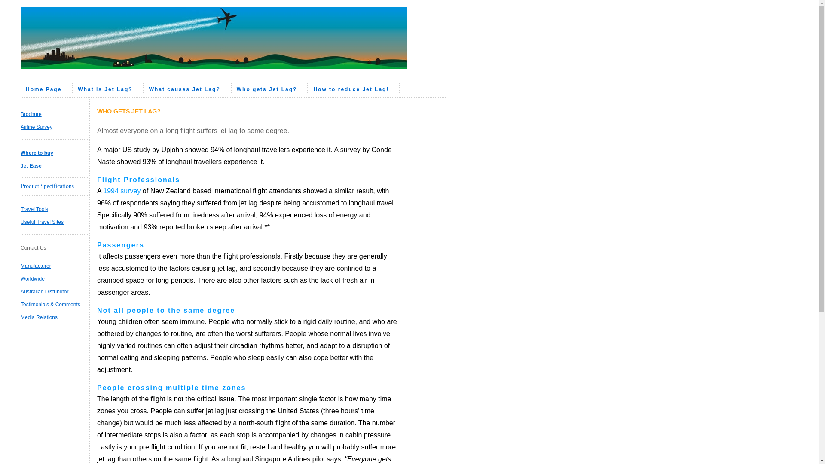  Describe the element at coordinates (269, 88) in the screenshot. I see `'Who gets Jet Lag?'` at that location.